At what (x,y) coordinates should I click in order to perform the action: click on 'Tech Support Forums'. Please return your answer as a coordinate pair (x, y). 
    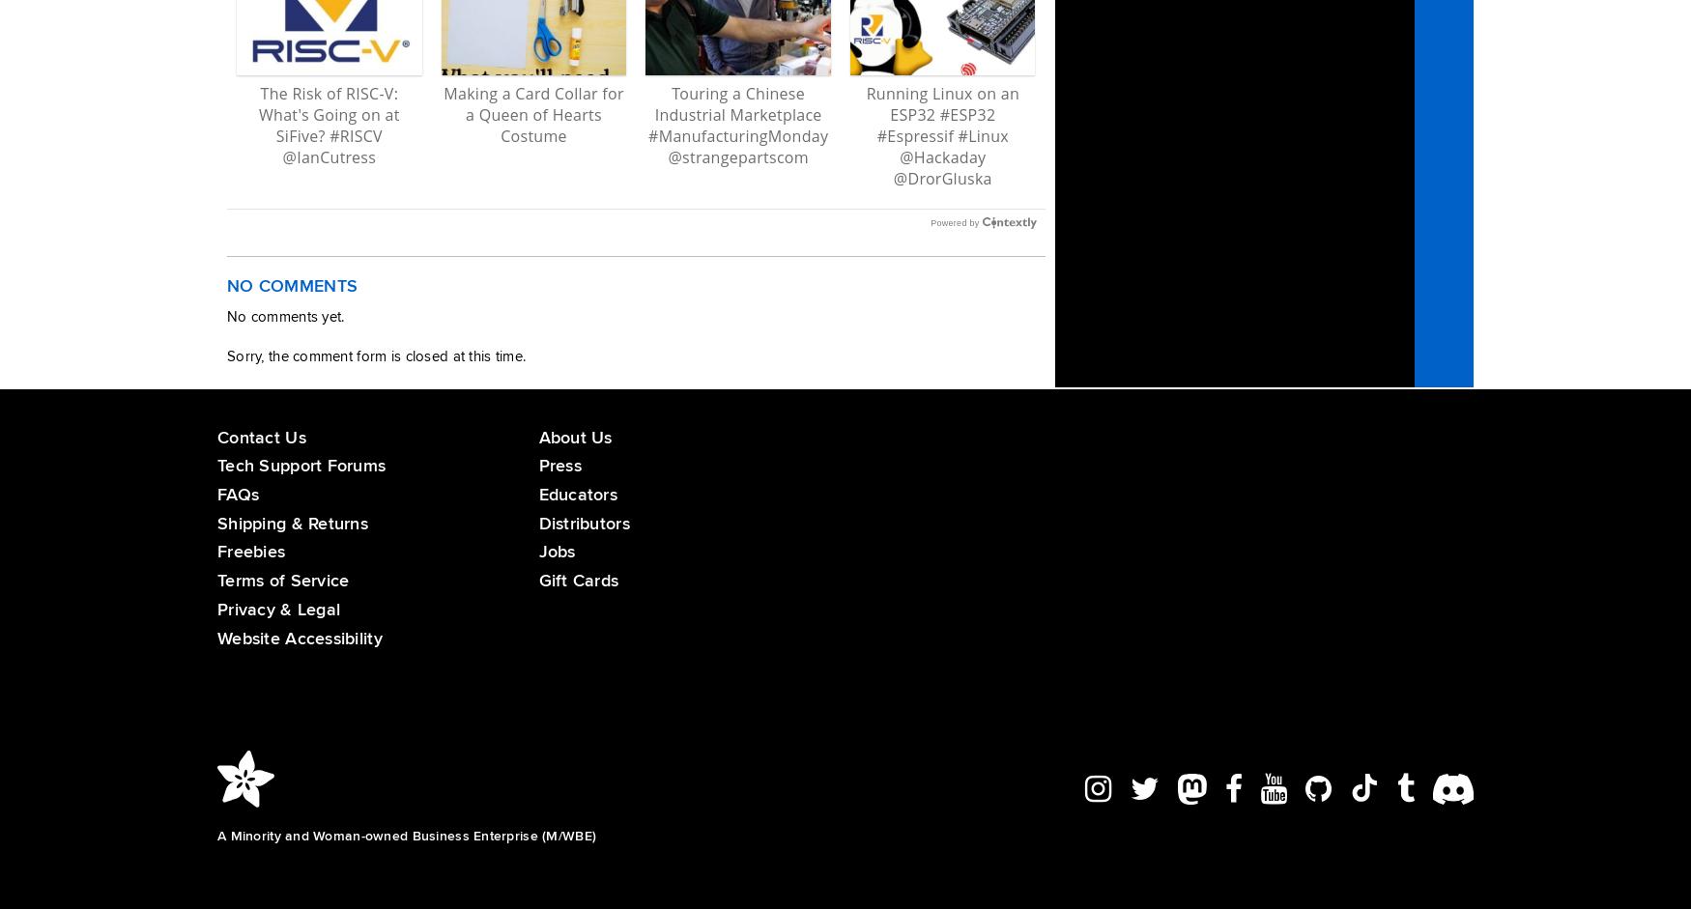
    Looking at the image, I should click on (301, 464).